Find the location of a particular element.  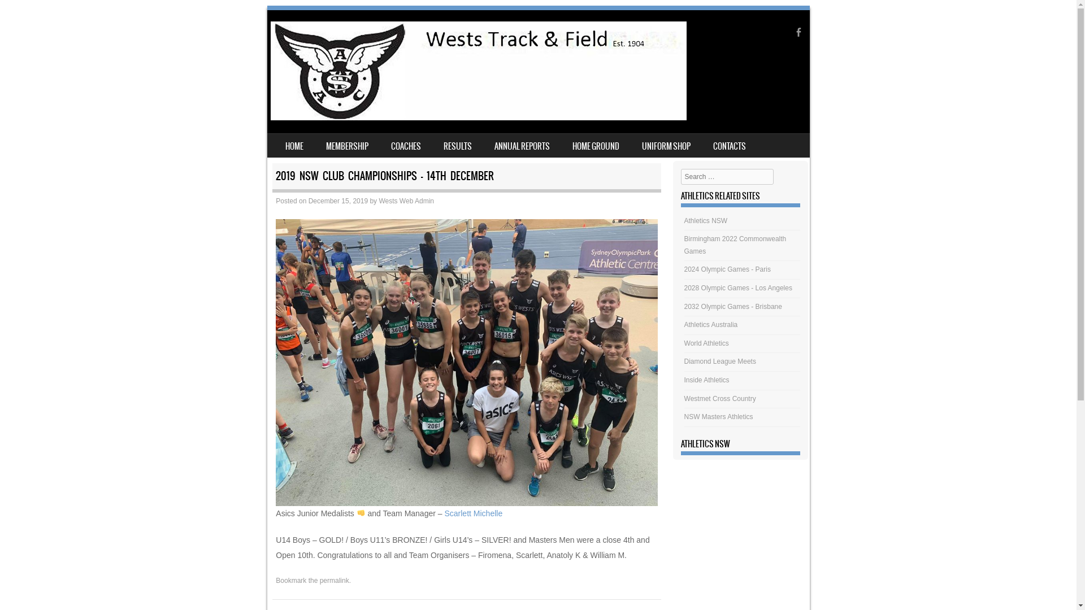

'Westmet Cross Country' is located at coordinates (719, 398).